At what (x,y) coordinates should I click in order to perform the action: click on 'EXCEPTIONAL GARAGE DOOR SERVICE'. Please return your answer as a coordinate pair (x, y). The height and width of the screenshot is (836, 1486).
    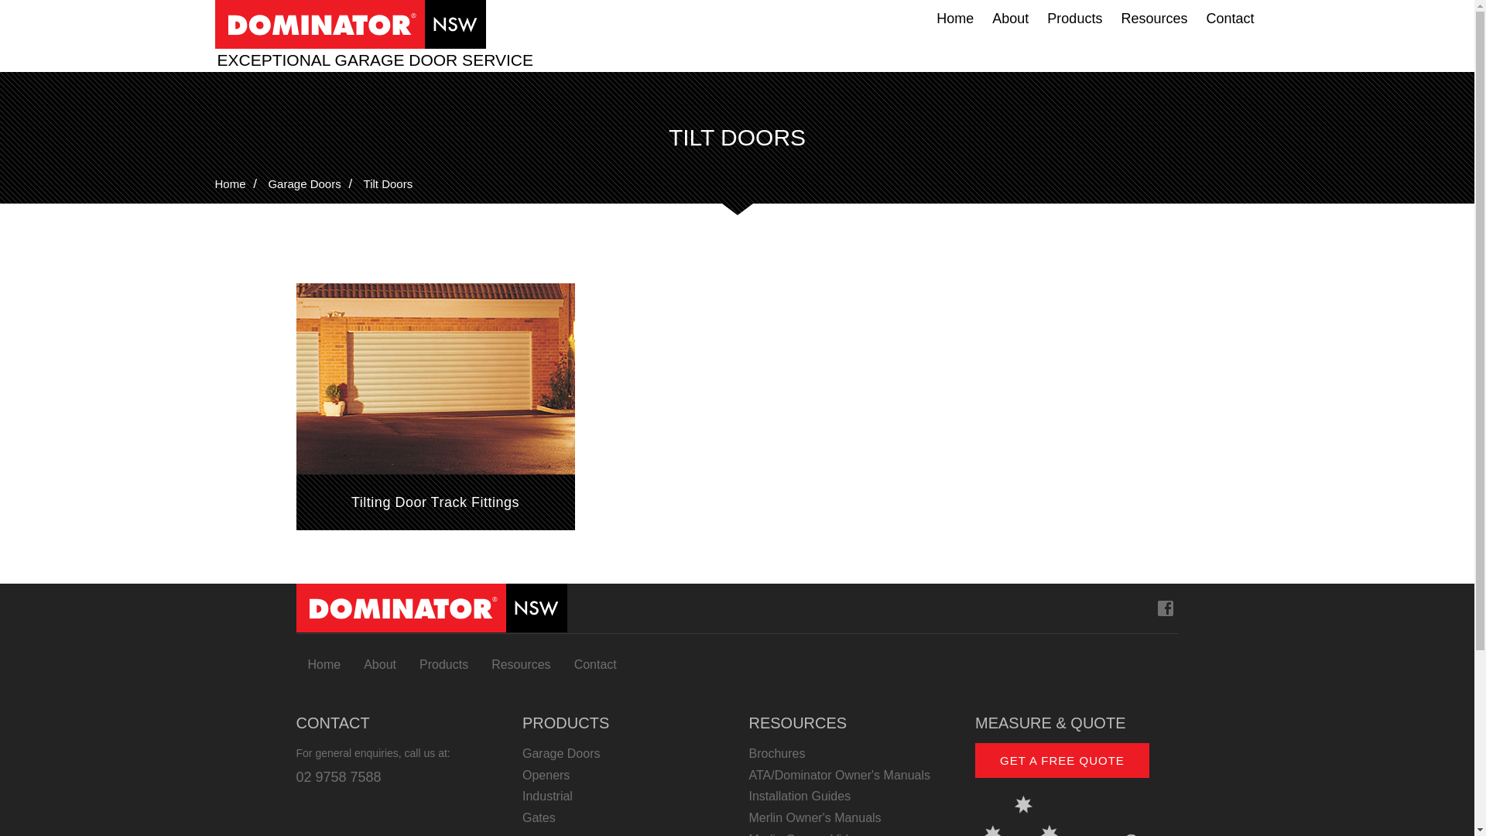
    Looking at the image, I should click on (378, 59).